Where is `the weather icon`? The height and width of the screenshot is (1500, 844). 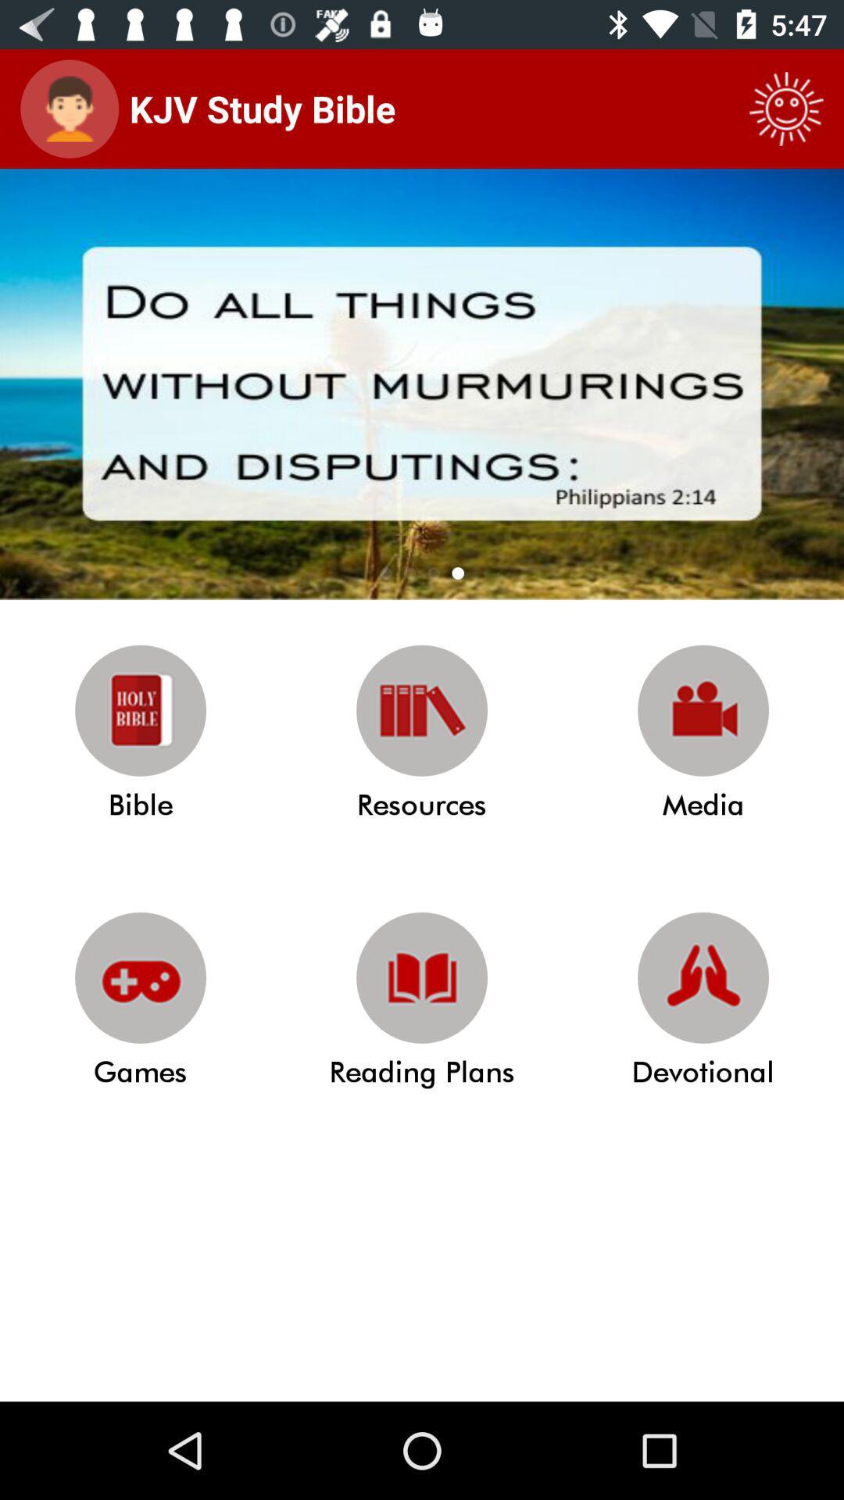
the weather icon is located at coordinates (786, 108).